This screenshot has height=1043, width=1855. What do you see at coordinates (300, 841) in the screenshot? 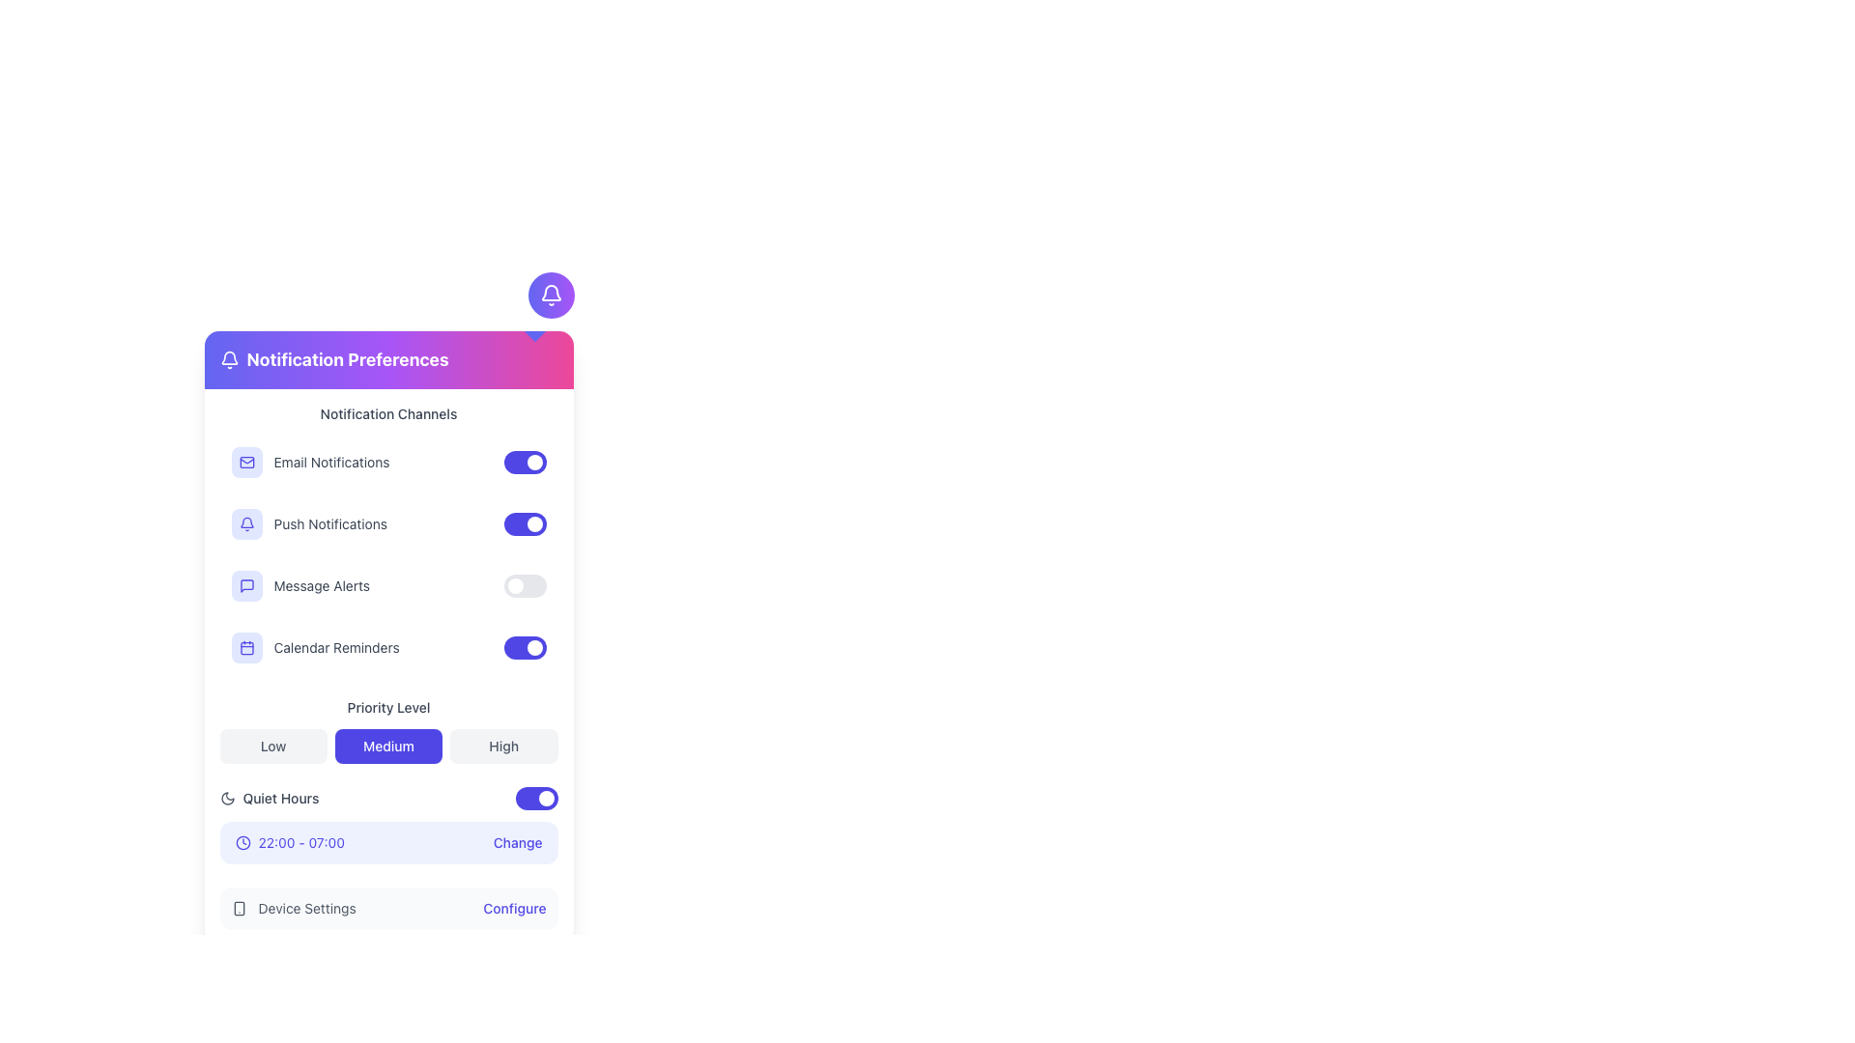
I see `time period displayed in the text label element showing '22:00 - 07:00', which is part of the 'Quiet Hours' section and located below the 'Priority Level' section` at bounding box center [300, 841].